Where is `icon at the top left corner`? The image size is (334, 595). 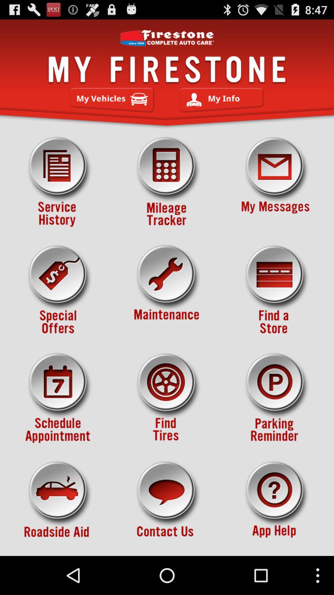
icon at the top left corner is located at coordinates (58, 182).